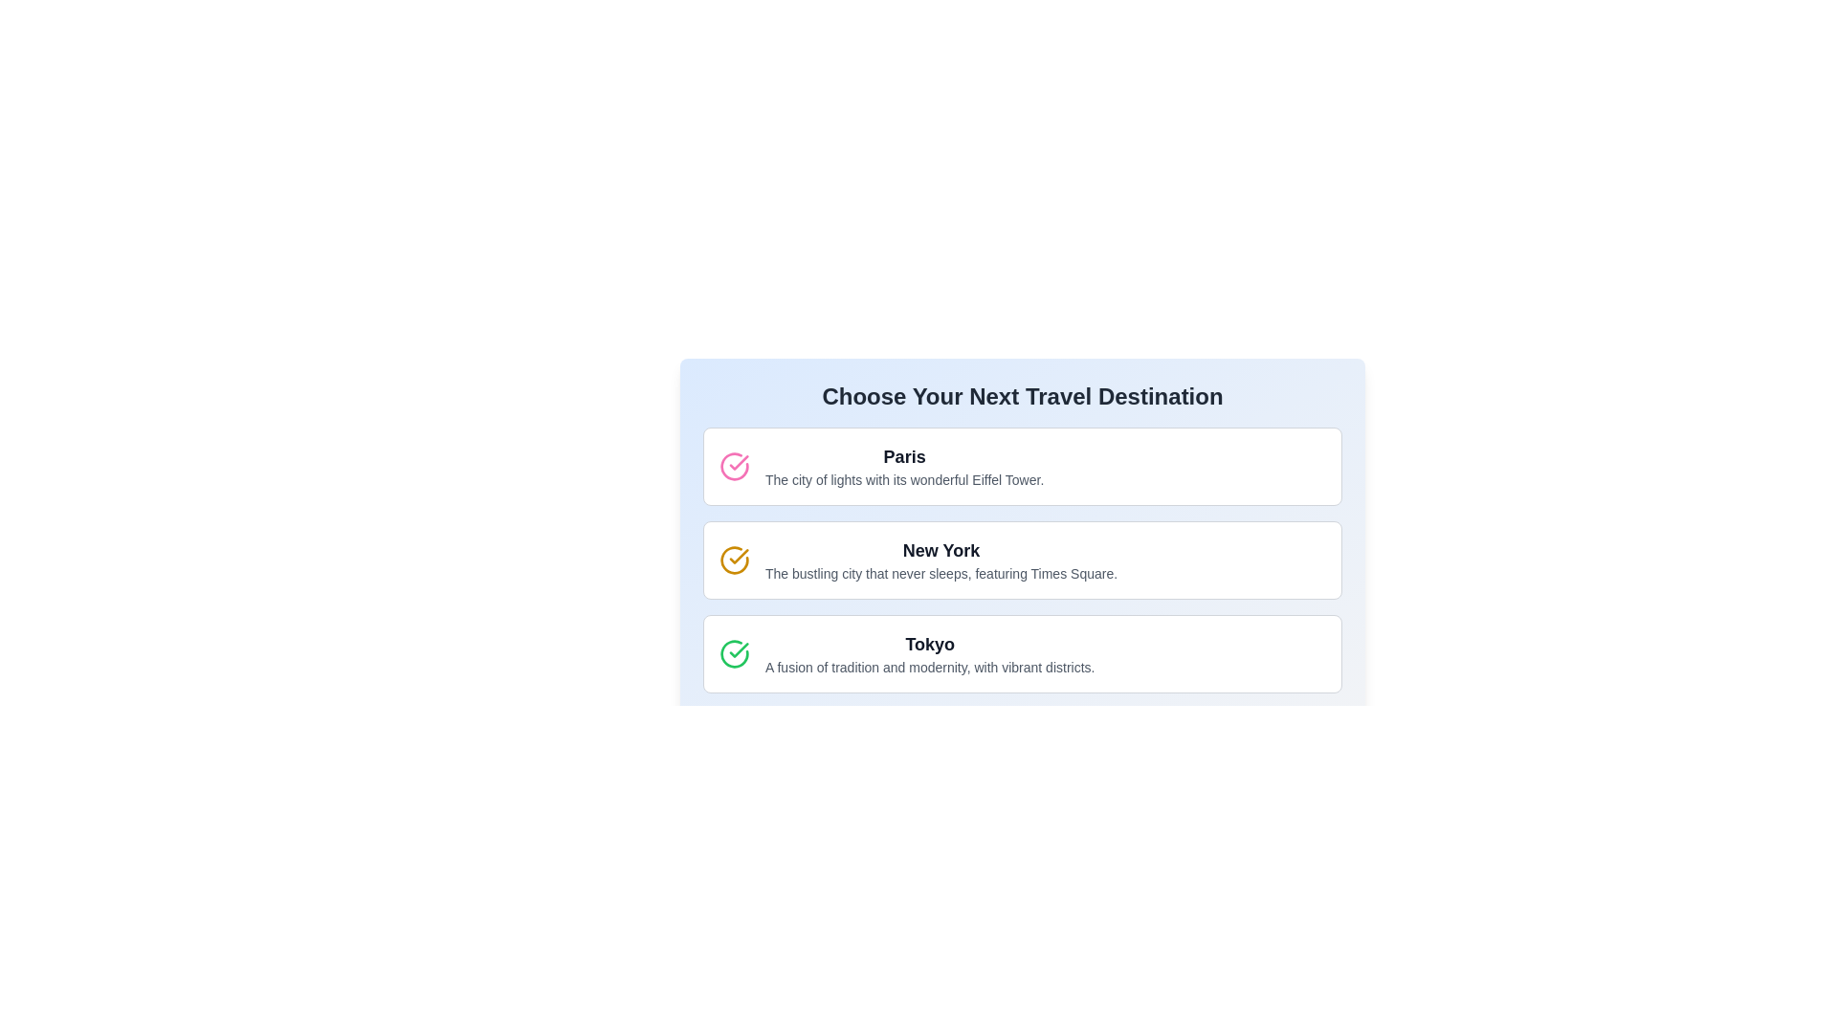  I want to click on the 'New York' card, which is a button-like interactive card with a white background, rounded corners, and contains the title 'New York' in bold, so click(1022, 520).